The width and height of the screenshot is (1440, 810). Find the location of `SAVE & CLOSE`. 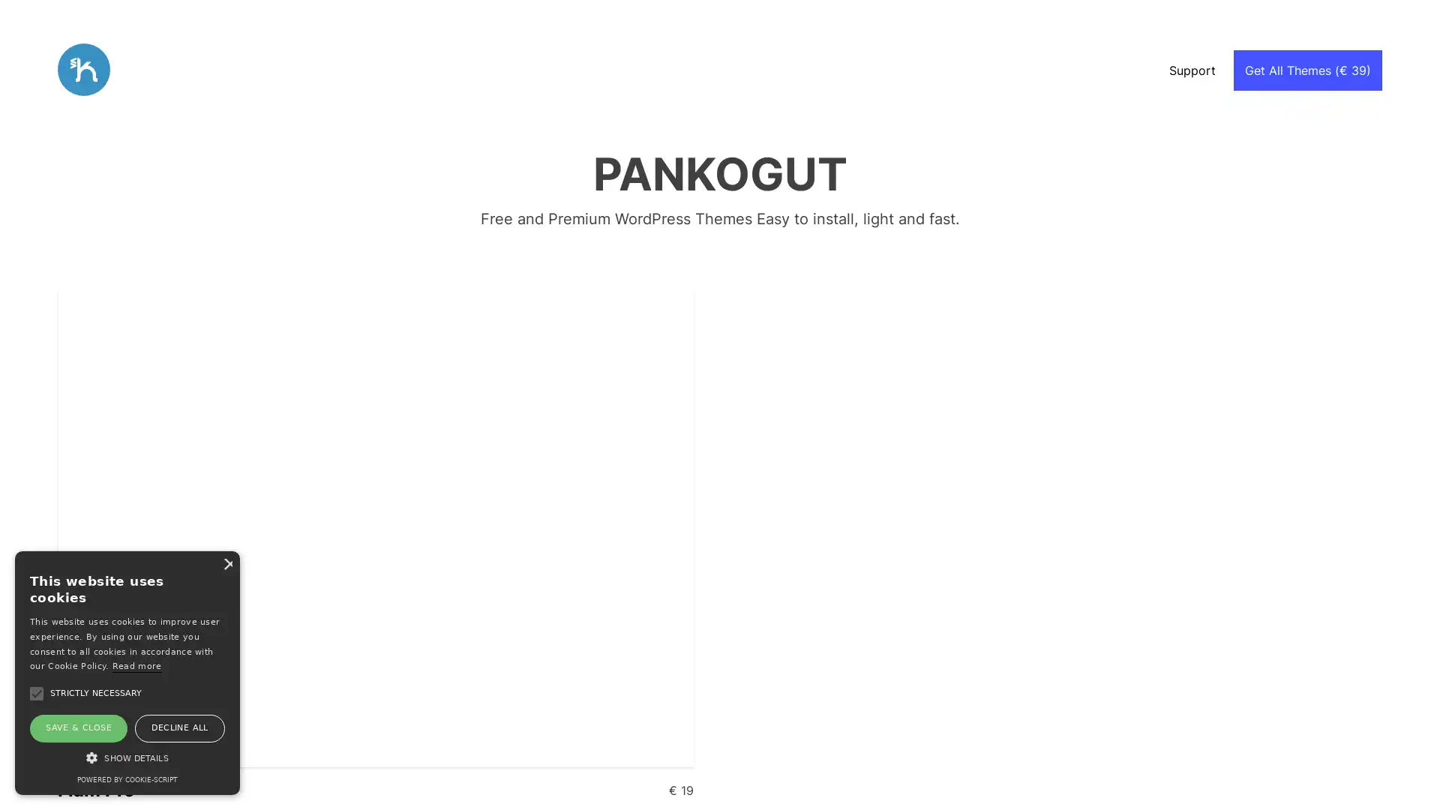

SAVE & CLOSE is located at coordinates (78, 727).